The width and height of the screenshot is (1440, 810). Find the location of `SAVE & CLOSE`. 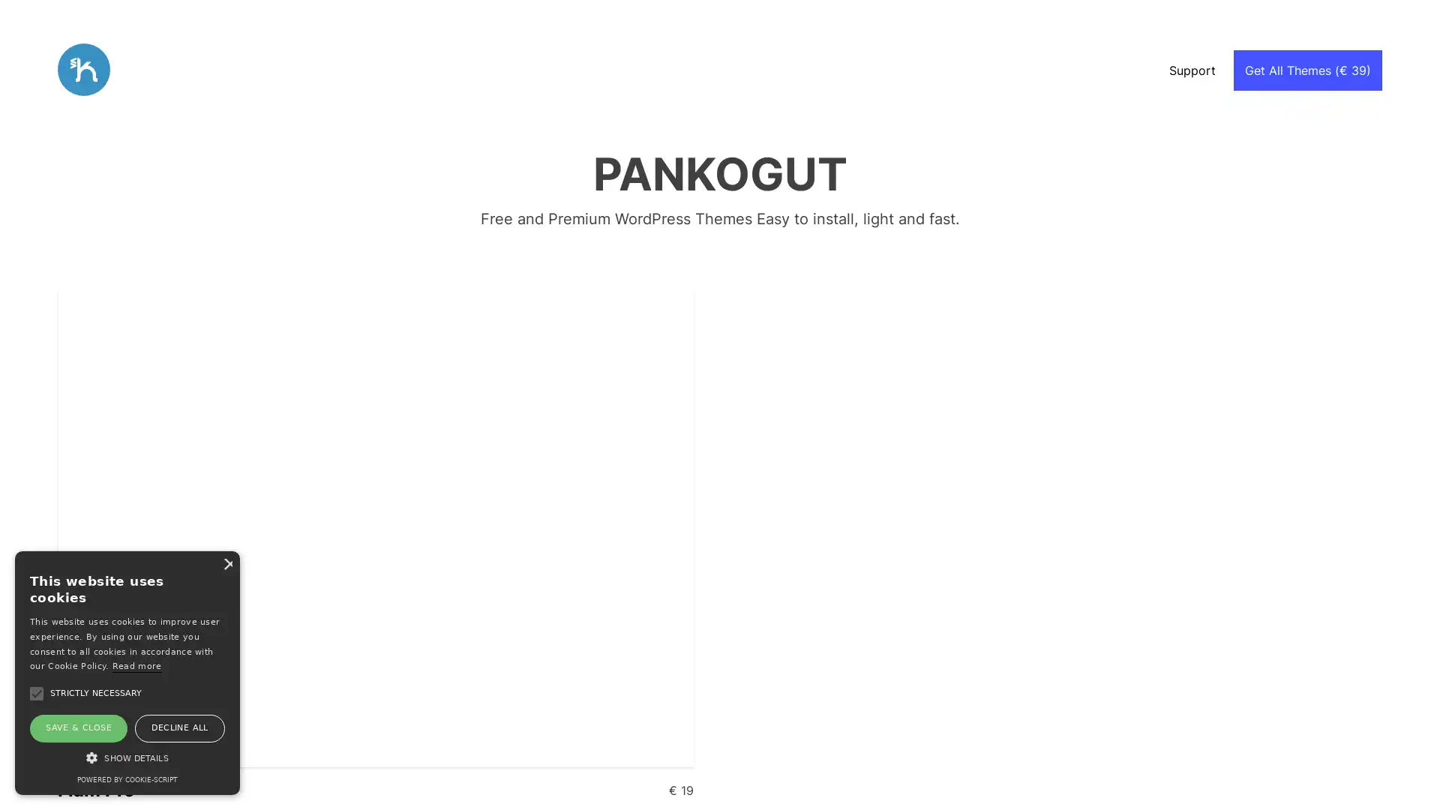

SAVE & CLOSE is located at coordinates (78, 727).